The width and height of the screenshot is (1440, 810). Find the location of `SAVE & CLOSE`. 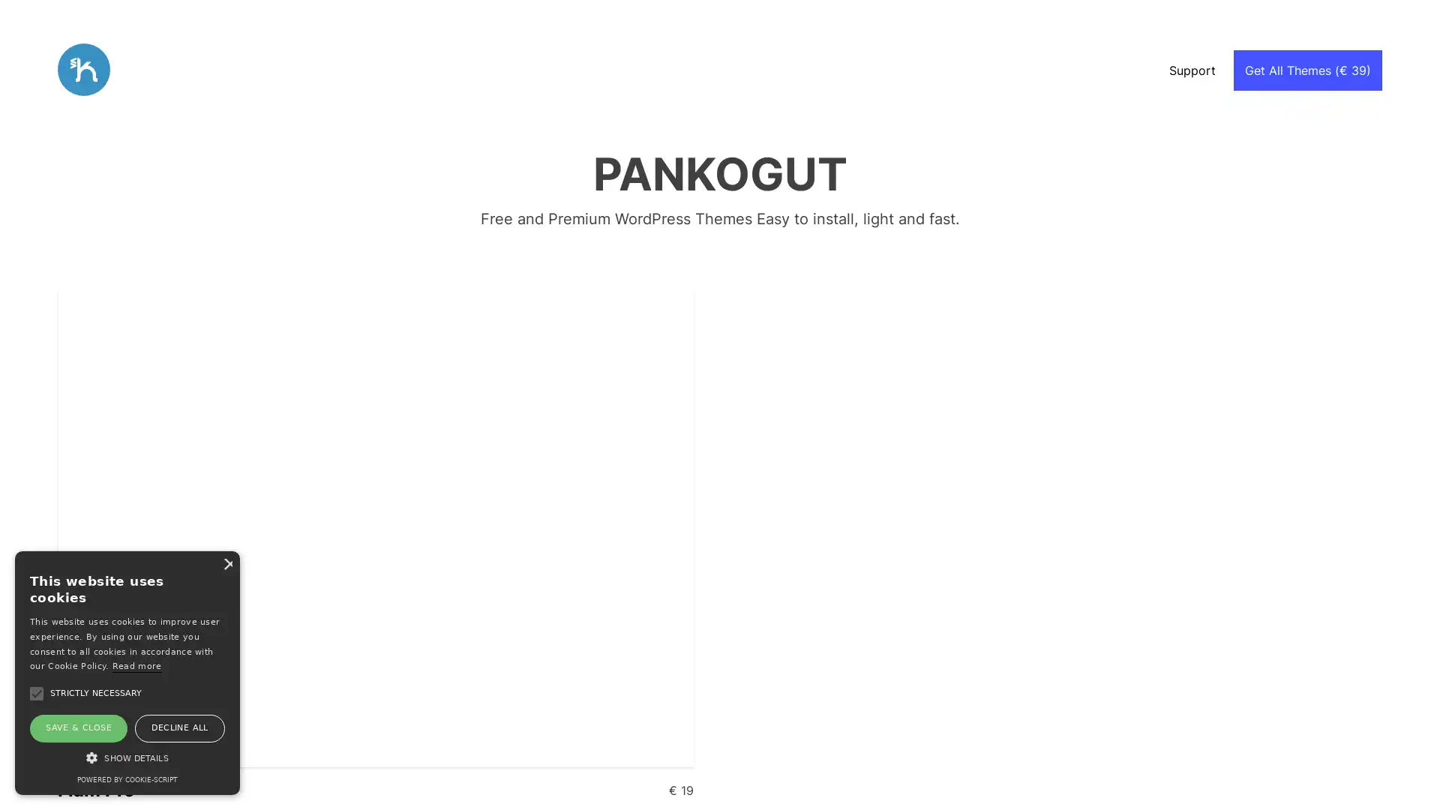

SAVE & CLOSE is located at coordinates (78, 727).